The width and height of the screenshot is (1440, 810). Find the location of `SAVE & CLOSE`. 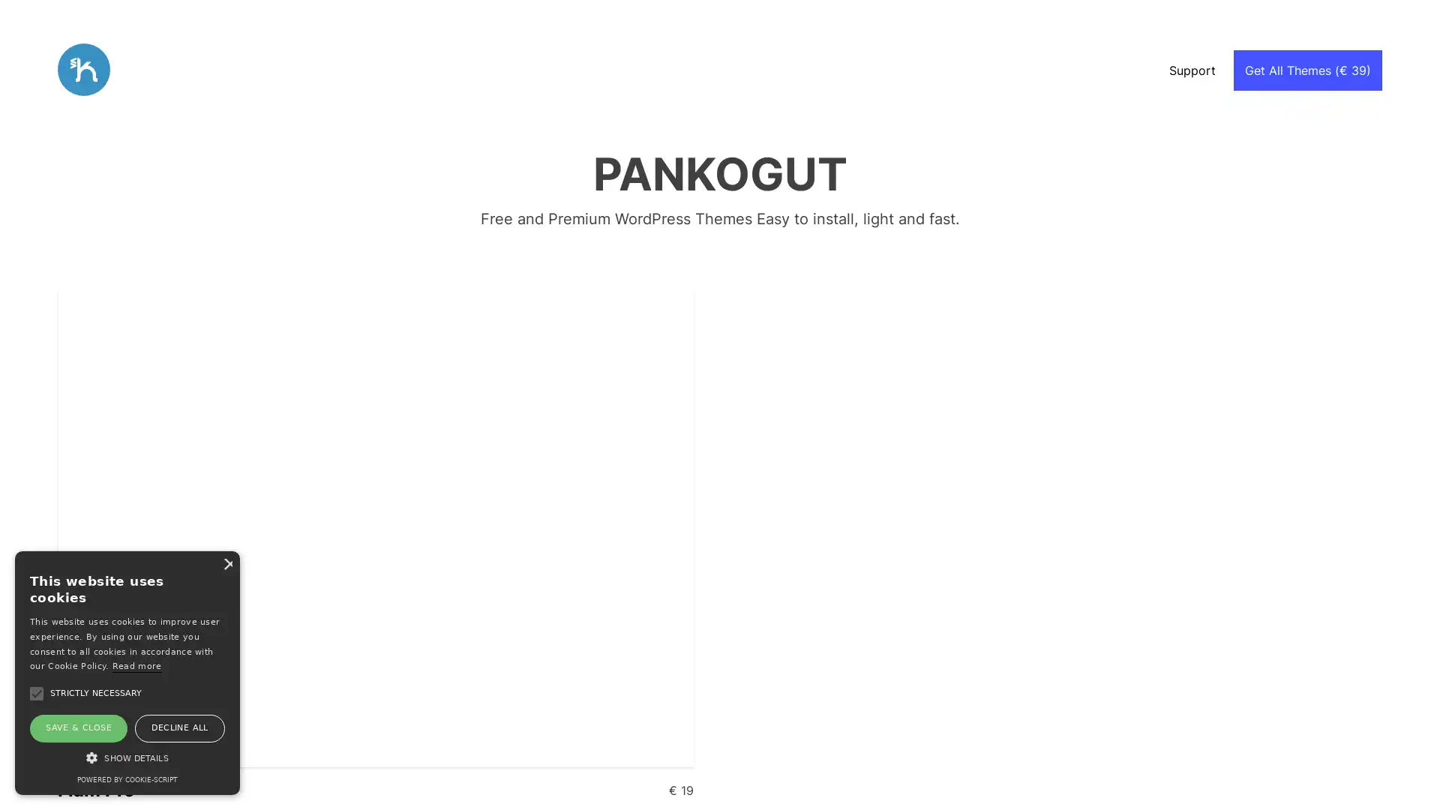

SAVE & CLOSE is located at coordinates (78, 727).